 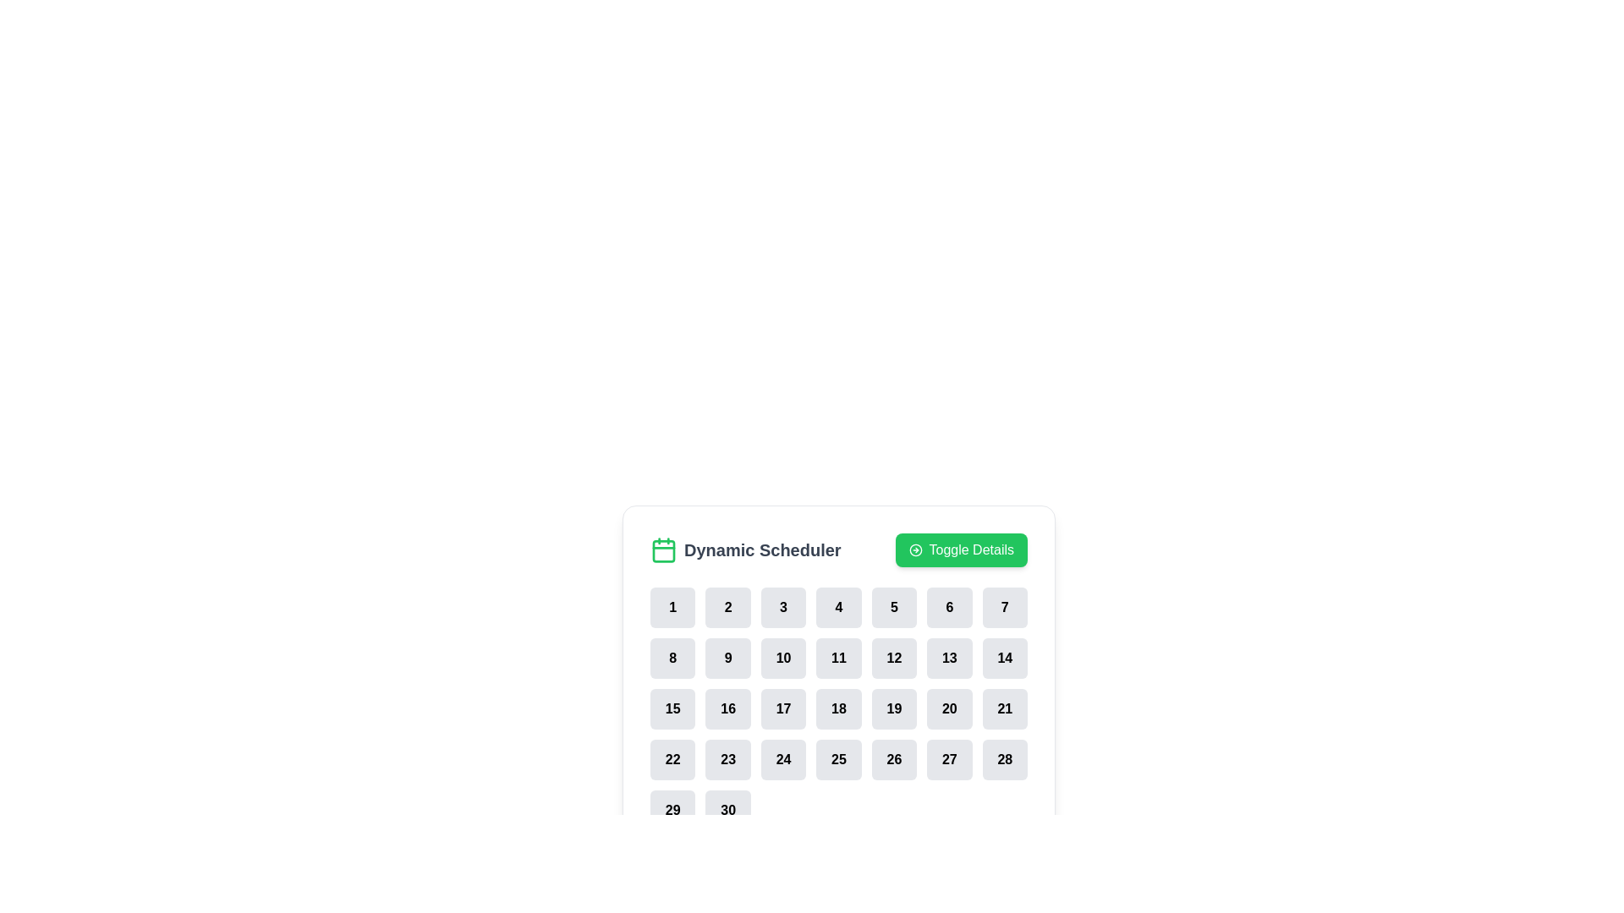 What do you see at coordinates (1005, 758) in the screenshot?
I see `the button labeled '28', which is a rounded rectangular cell with a light gray background located in the last column of the fourth row in a 7-column grid layout` at bounding box center [1005, 758].